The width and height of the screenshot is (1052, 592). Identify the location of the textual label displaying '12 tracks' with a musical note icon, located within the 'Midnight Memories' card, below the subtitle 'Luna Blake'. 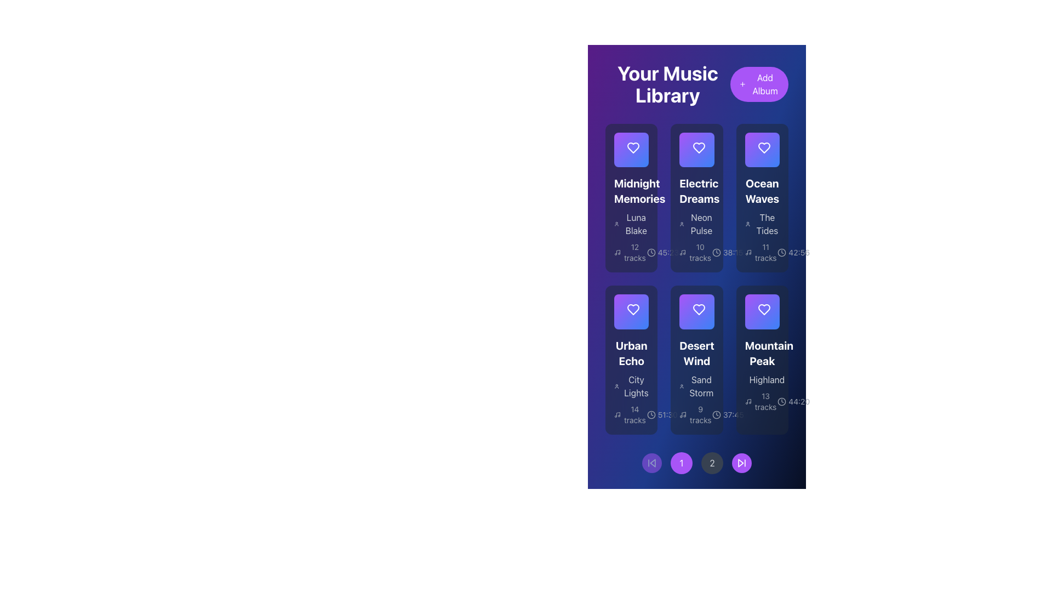
(630, 253).